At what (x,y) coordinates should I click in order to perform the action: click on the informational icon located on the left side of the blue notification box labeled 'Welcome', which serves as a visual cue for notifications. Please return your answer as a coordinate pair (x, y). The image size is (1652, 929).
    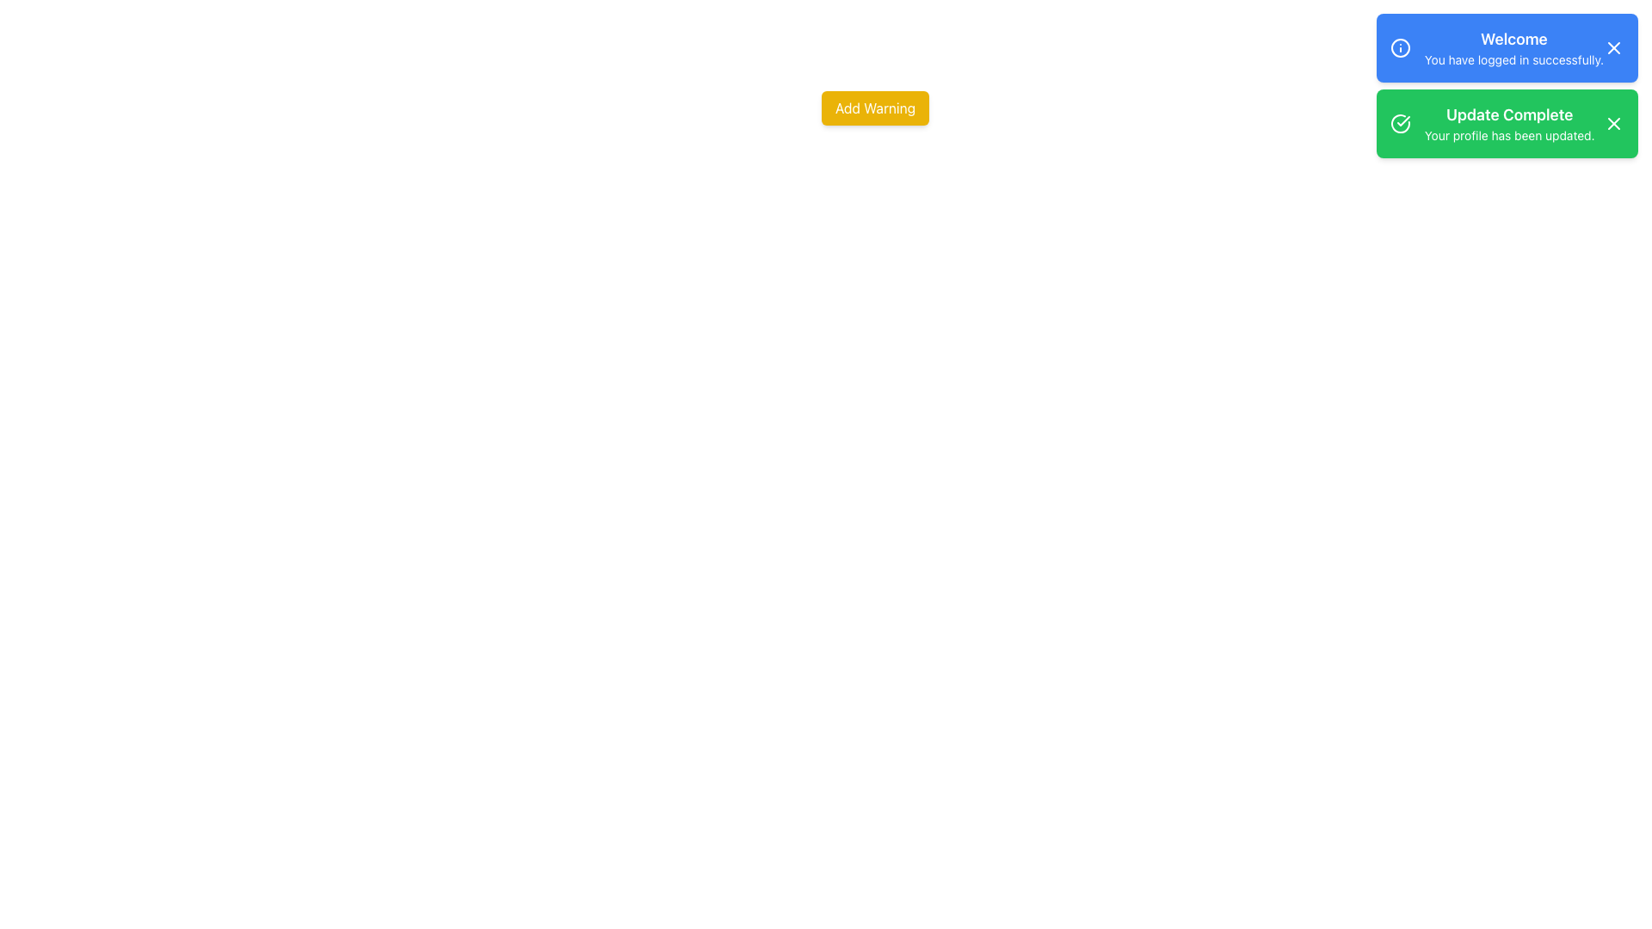
    Looking at the image, I should click on (1400, 47).